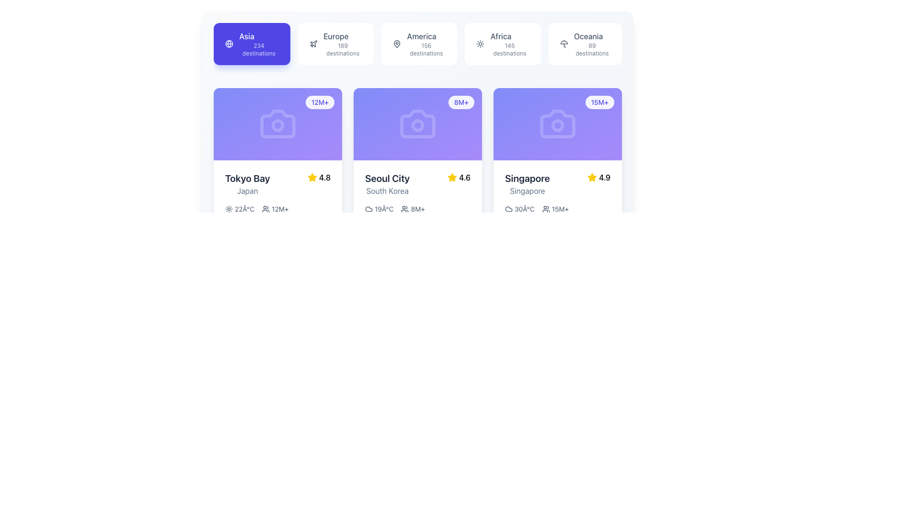 This screenshot has width=920, height=517. I want to click on the Text Label indicating the number of destinations associated with 'America', situated within the card dedicated to 'America', which is the third card from the left in the top row of cards, so click(425, 50).